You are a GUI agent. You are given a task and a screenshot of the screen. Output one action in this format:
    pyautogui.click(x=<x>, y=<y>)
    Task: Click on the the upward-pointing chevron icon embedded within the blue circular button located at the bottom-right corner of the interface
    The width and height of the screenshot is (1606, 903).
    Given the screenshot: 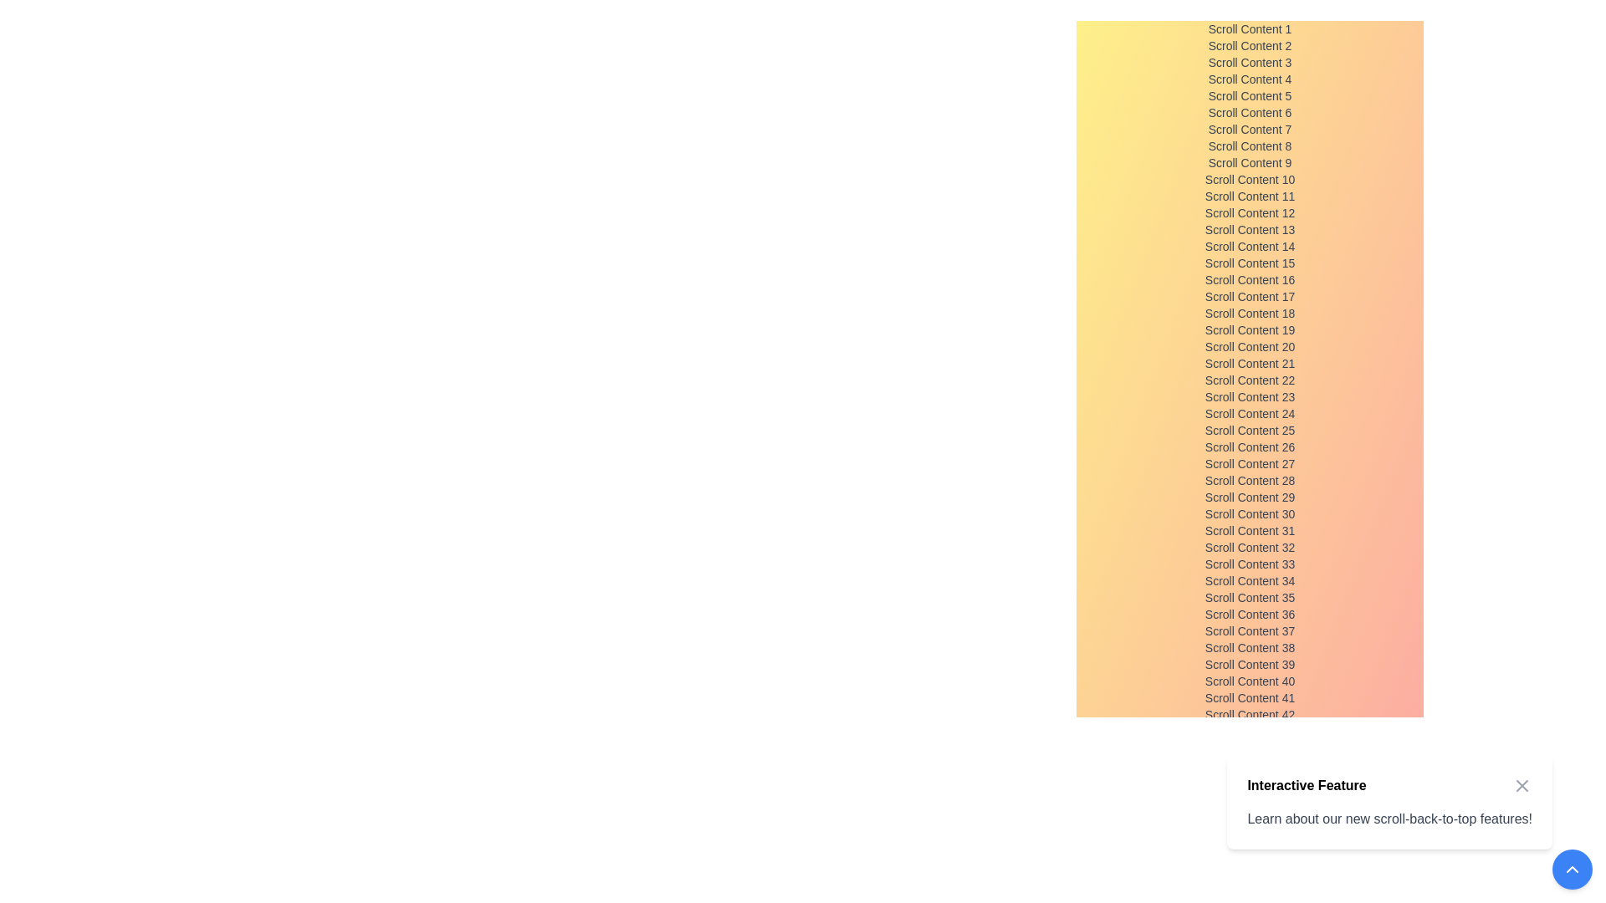 What is the action you would take?
    pyautogui.click(x=1572, y=869)
    